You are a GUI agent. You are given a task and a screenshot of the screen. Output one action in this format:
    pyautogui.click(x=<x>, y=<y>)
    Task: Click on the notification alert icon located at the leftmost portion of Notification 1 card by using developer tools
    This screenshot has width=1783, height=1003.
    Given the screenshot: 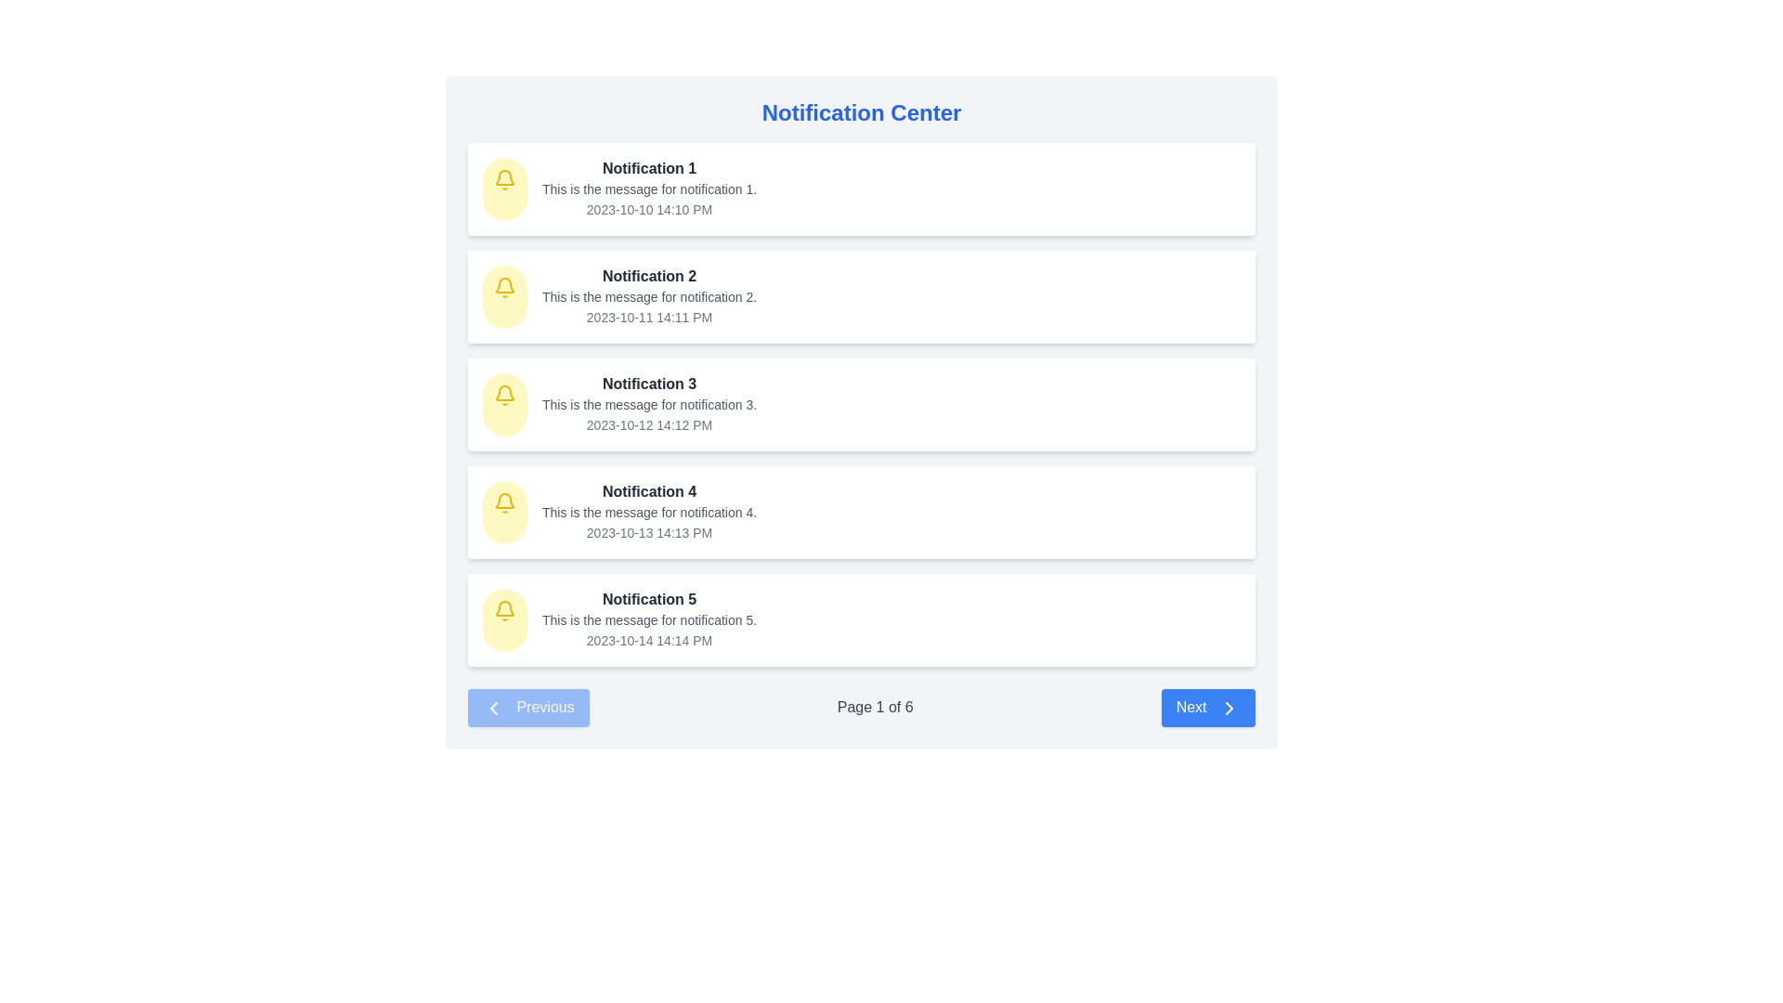 What is the action you would take?
    pyautogui.click(x=504, y=189)
    